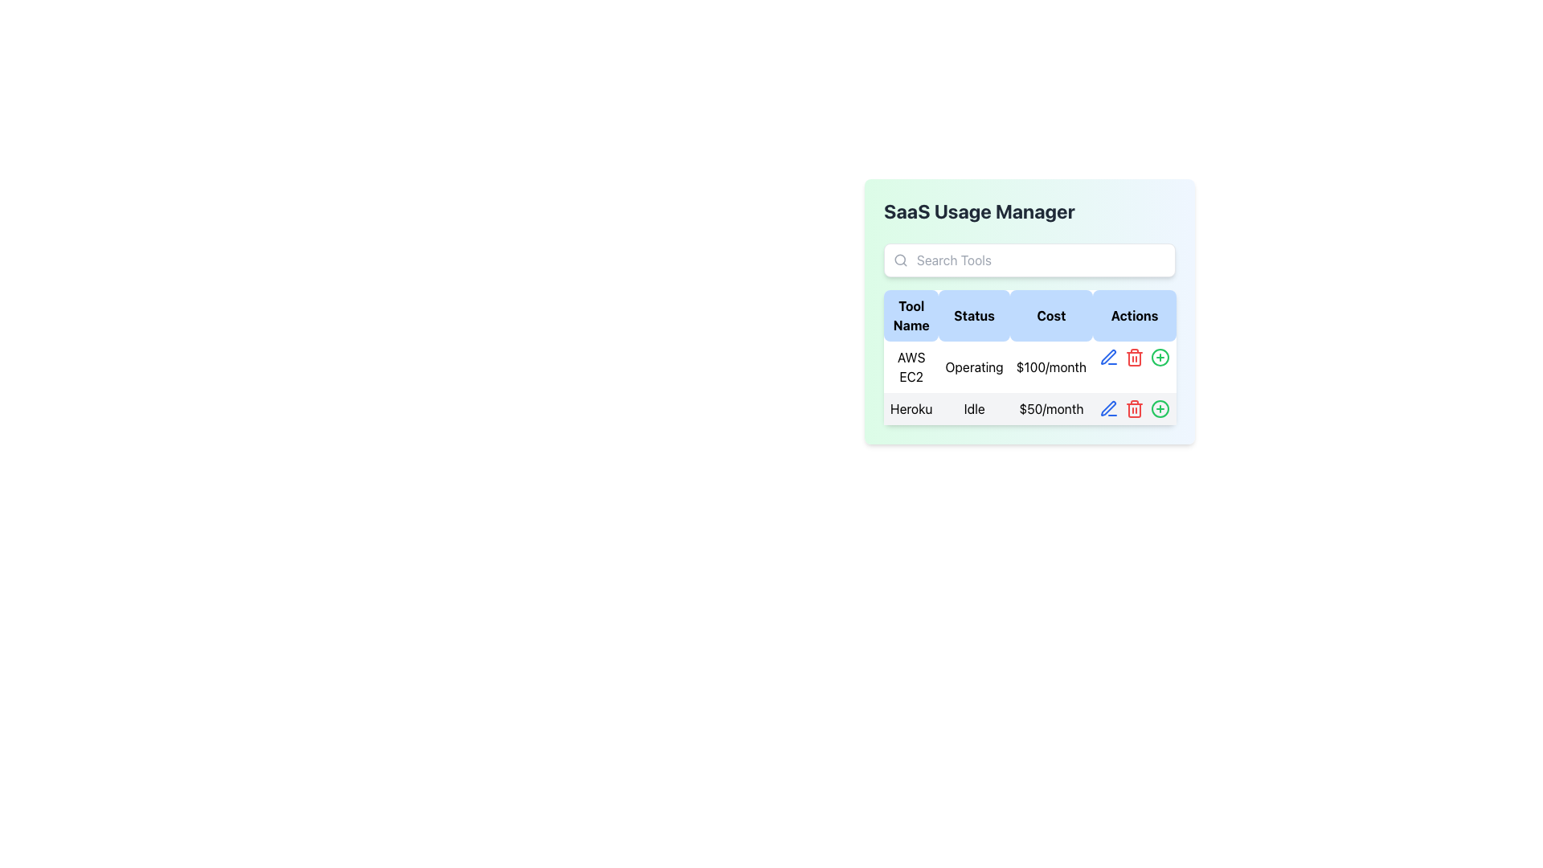  I want to click on the 'Heroku' text label, so click(911, 408).